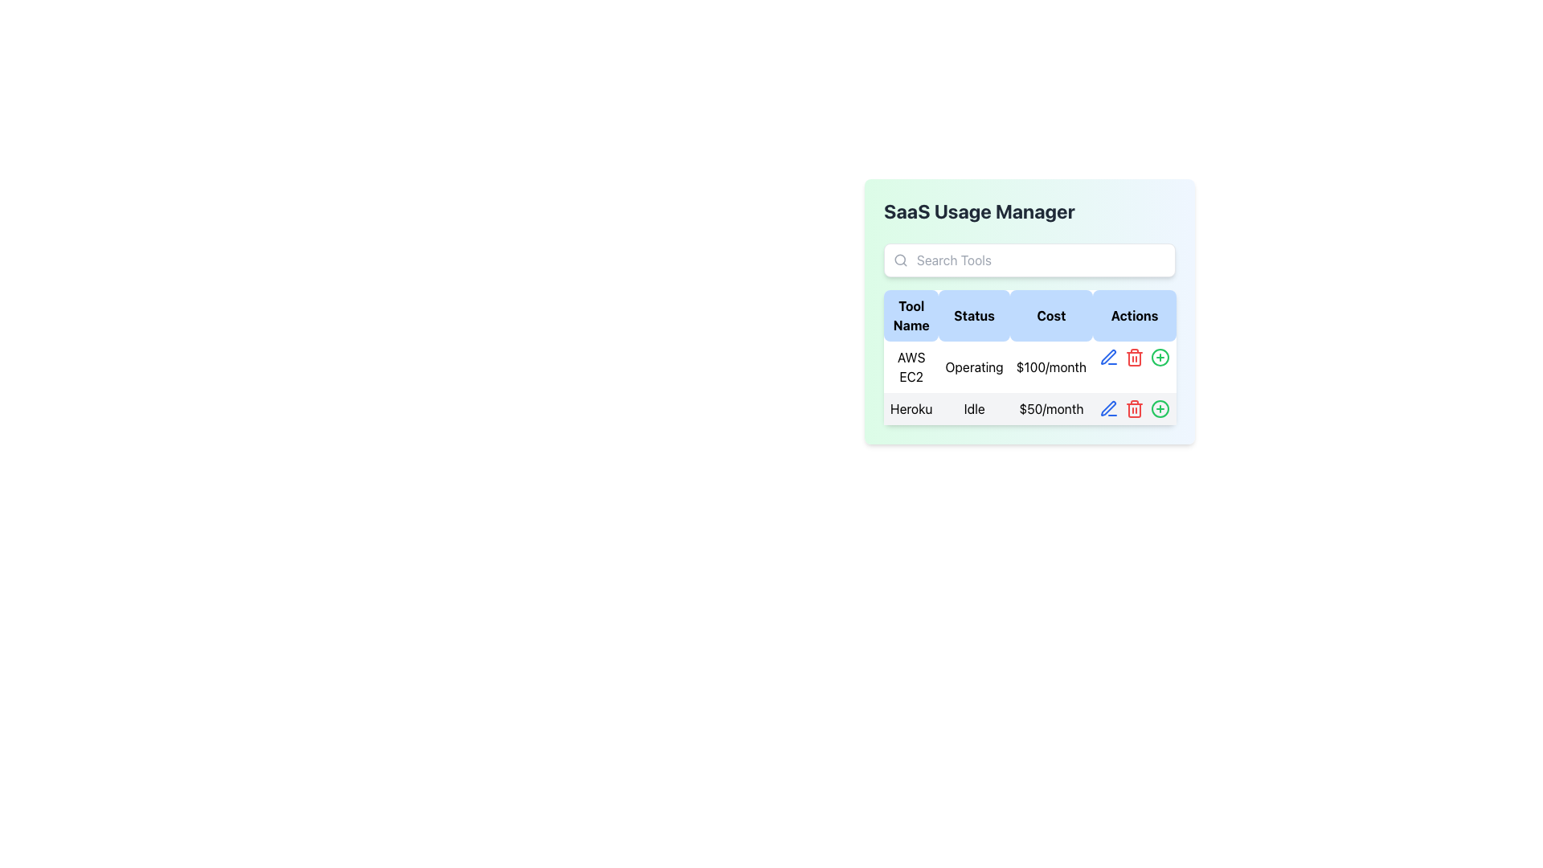  I want to click on the 'Heroku' text label, so click(911, 408).